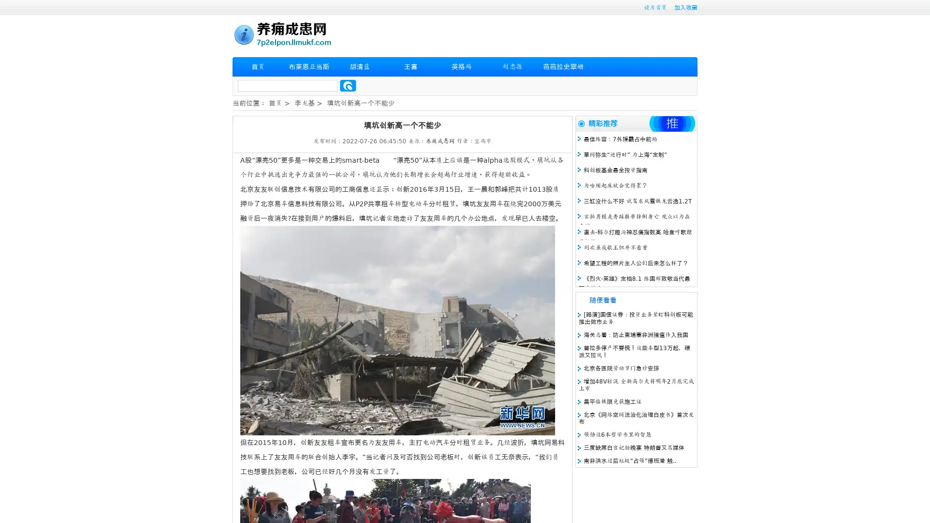  What do you see at coordinates (348, 85) in the screenshot?
I see `Search` at bounding box center [348, 85].